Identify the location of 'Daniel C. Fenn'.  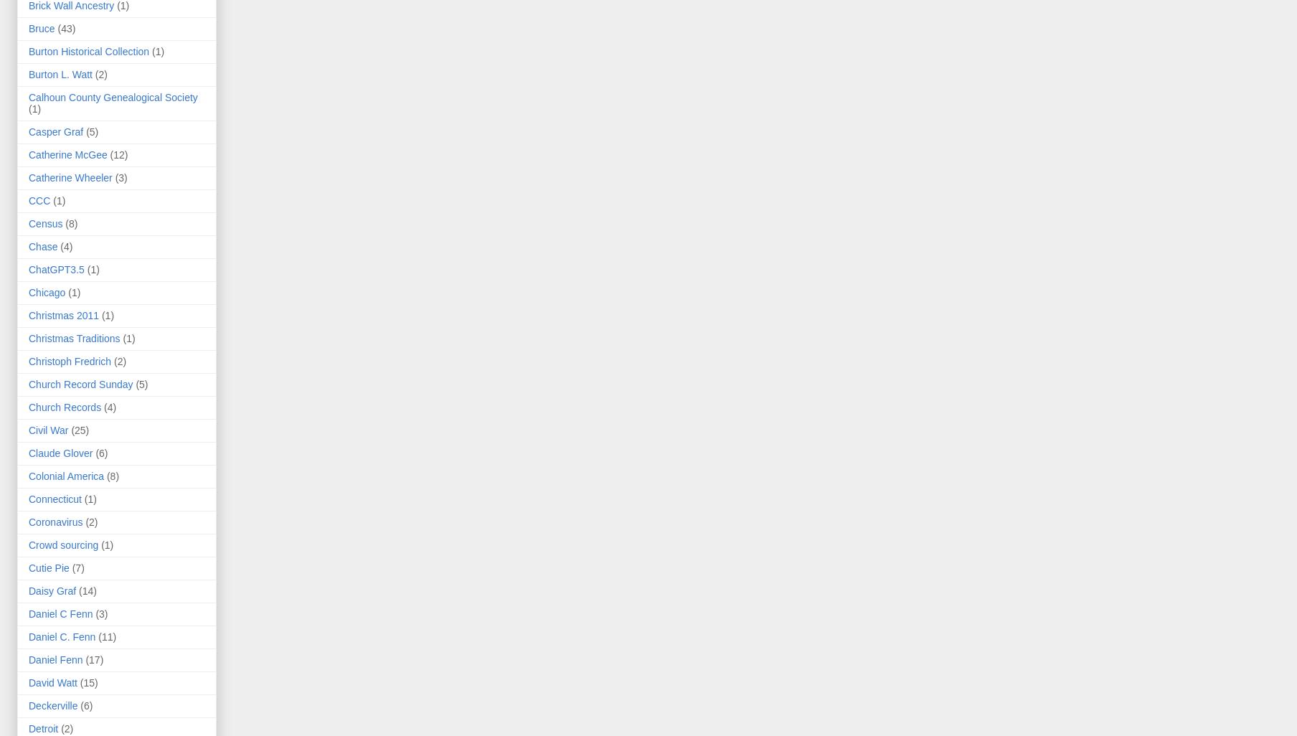
(61, 636).